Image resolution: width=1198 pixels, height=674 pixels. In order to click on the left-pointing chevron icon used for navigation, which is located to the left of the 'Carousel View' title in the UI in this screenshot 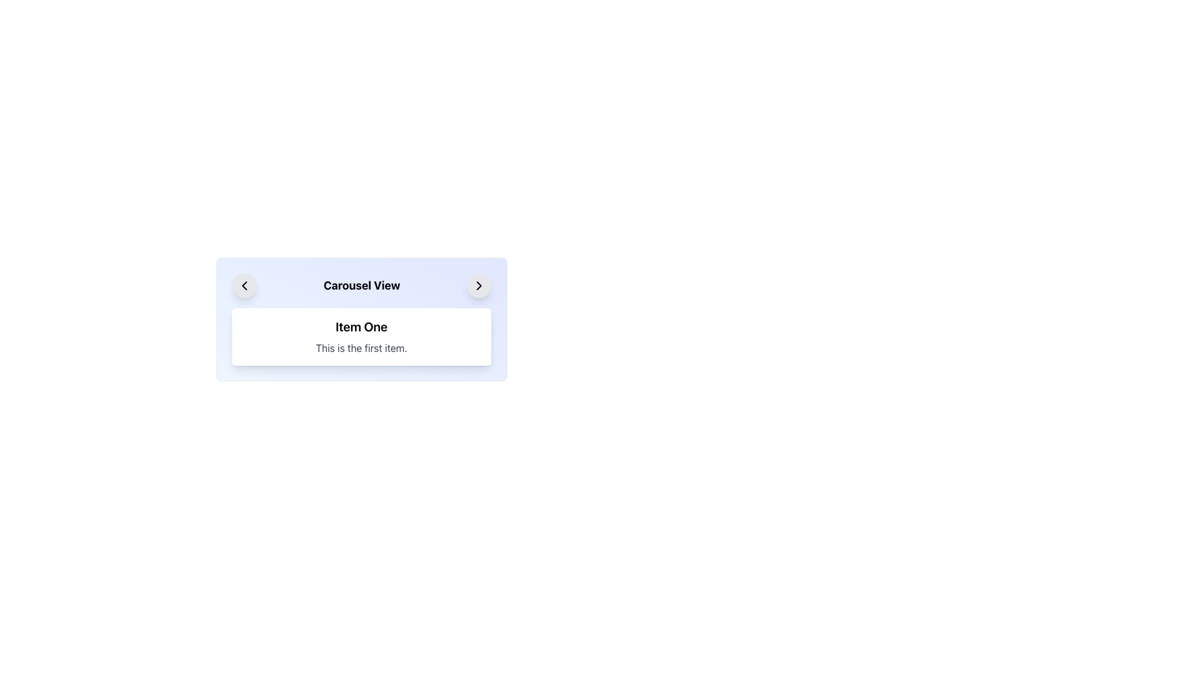, I will do `click(245, 286)`.